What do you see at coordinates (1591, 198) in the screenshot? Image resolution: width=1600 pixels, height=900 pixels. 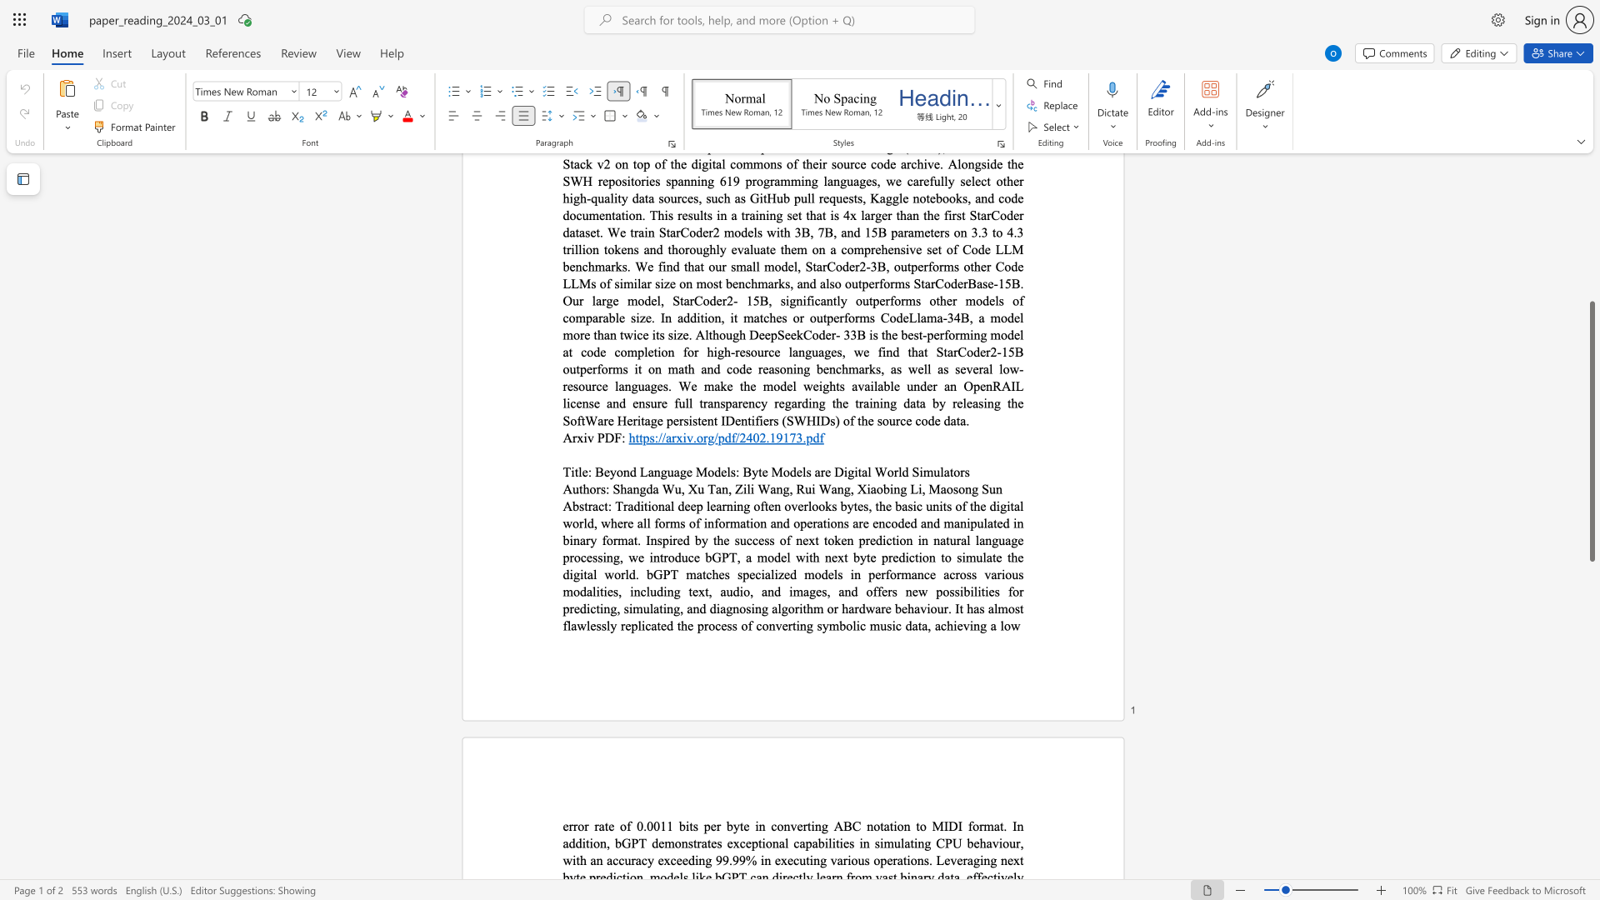 I see `the side scrollbar to bring the page up` at bounding box center [1591, 198].